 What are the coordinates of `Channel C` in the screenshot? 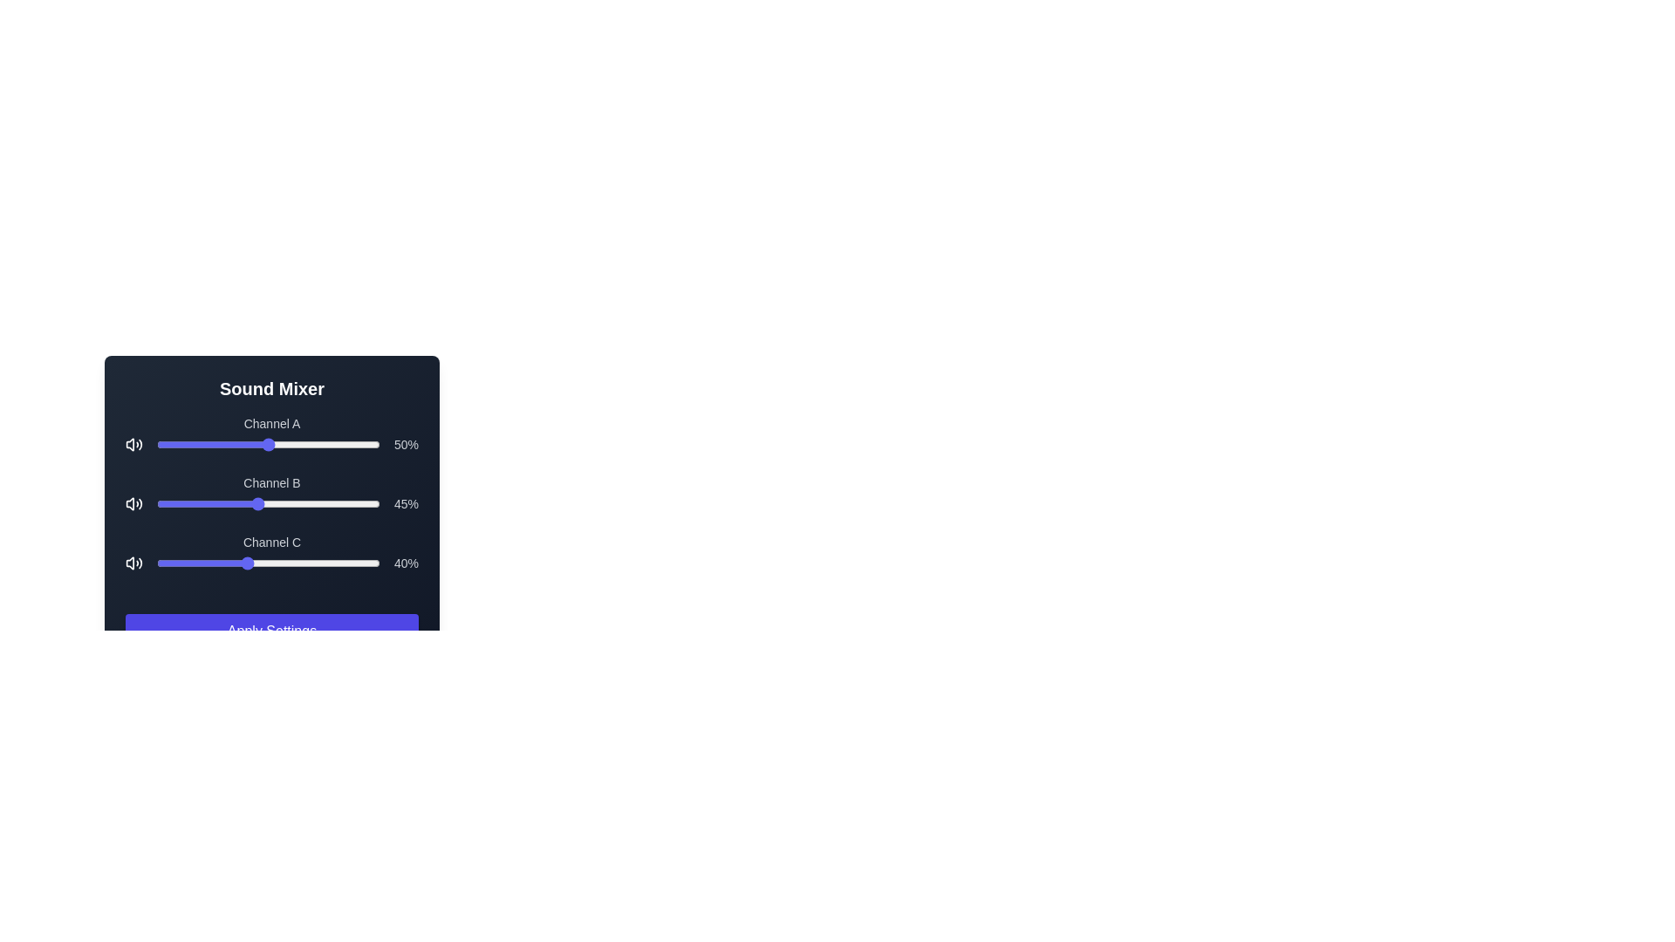 It's located at (309, 563).